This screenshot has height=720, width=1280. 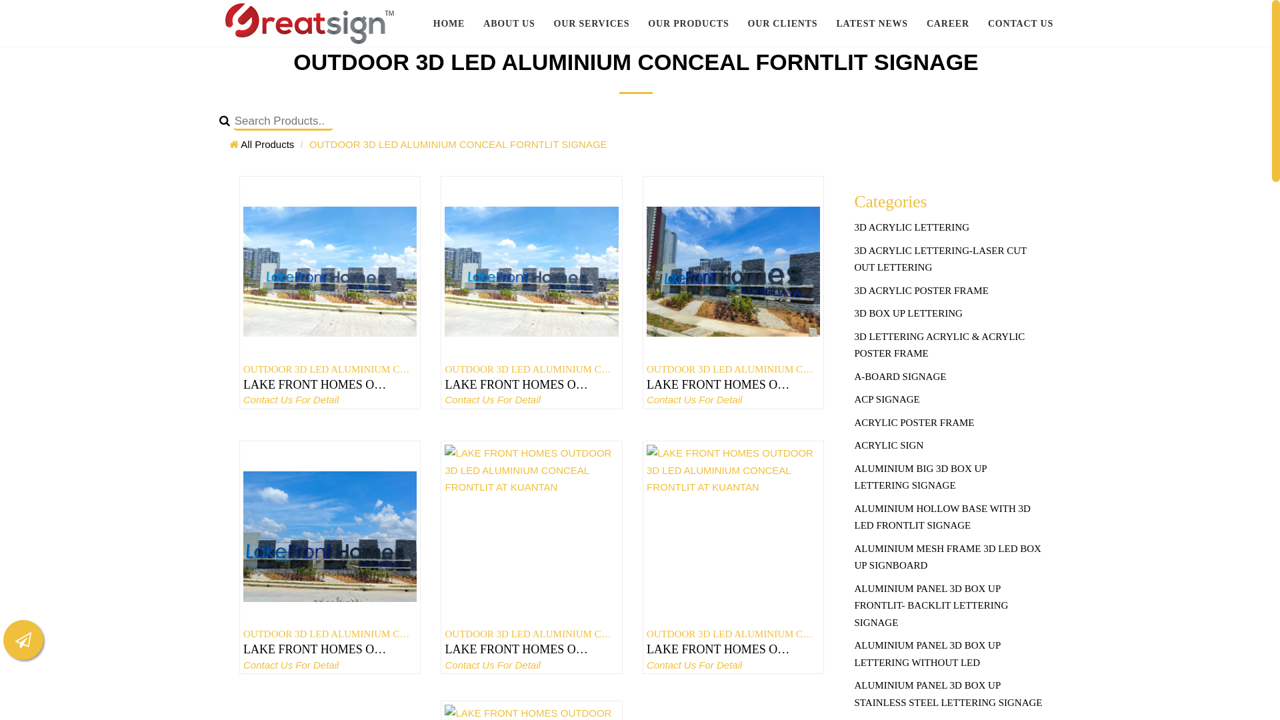 What do you see at coordinates (948, 290) in the screenshot?
I see `'3D ACRYLIC POSTER FRAME'` at bounding box center [948, 290].